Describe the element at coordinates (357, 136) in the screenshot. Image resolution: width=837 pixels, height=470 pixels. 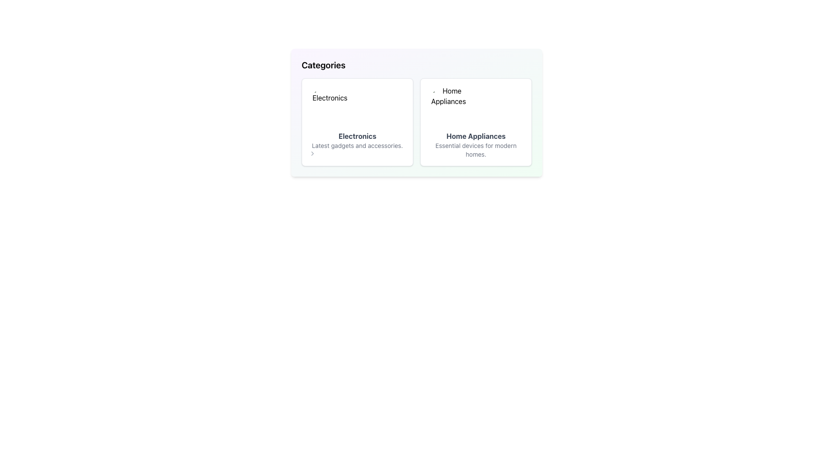
I see `the 'Electronics' category label text, which is centrally located above the smaller text 'Latest gadgets and accessories.' and below a rounded image icon` at that location.